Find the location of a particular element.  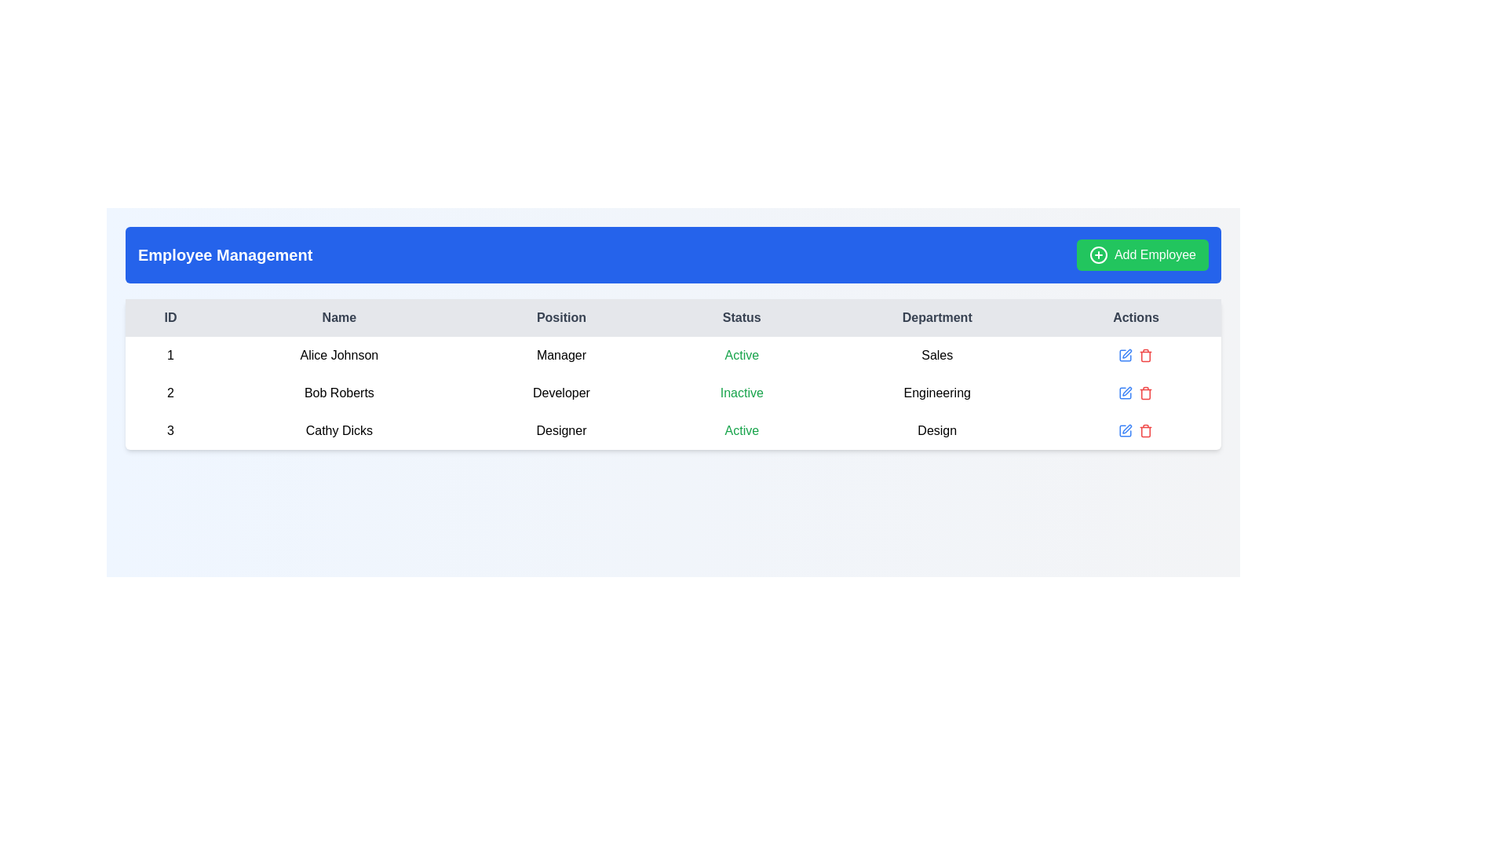

the edit icon button located in the 'Actions' column for the table row of 'Alice Johnson' is located at coordinates (1125, 355).